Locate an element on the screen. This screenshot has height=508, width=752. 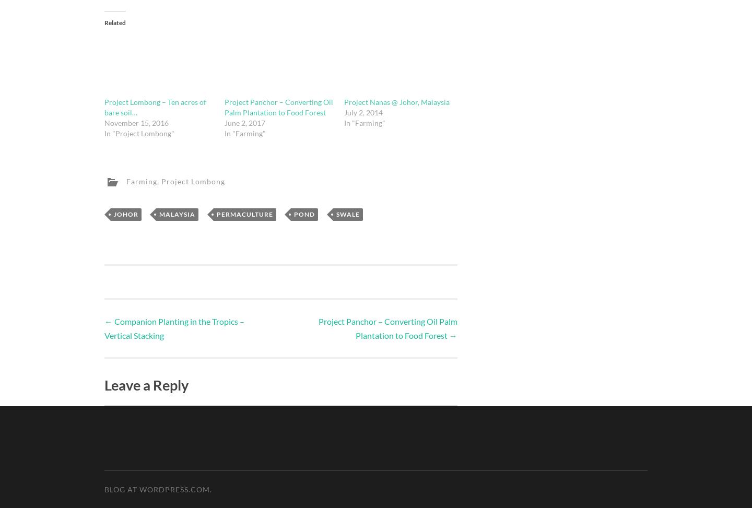
'Leave a Reply' is located at coordinates (146, 384).